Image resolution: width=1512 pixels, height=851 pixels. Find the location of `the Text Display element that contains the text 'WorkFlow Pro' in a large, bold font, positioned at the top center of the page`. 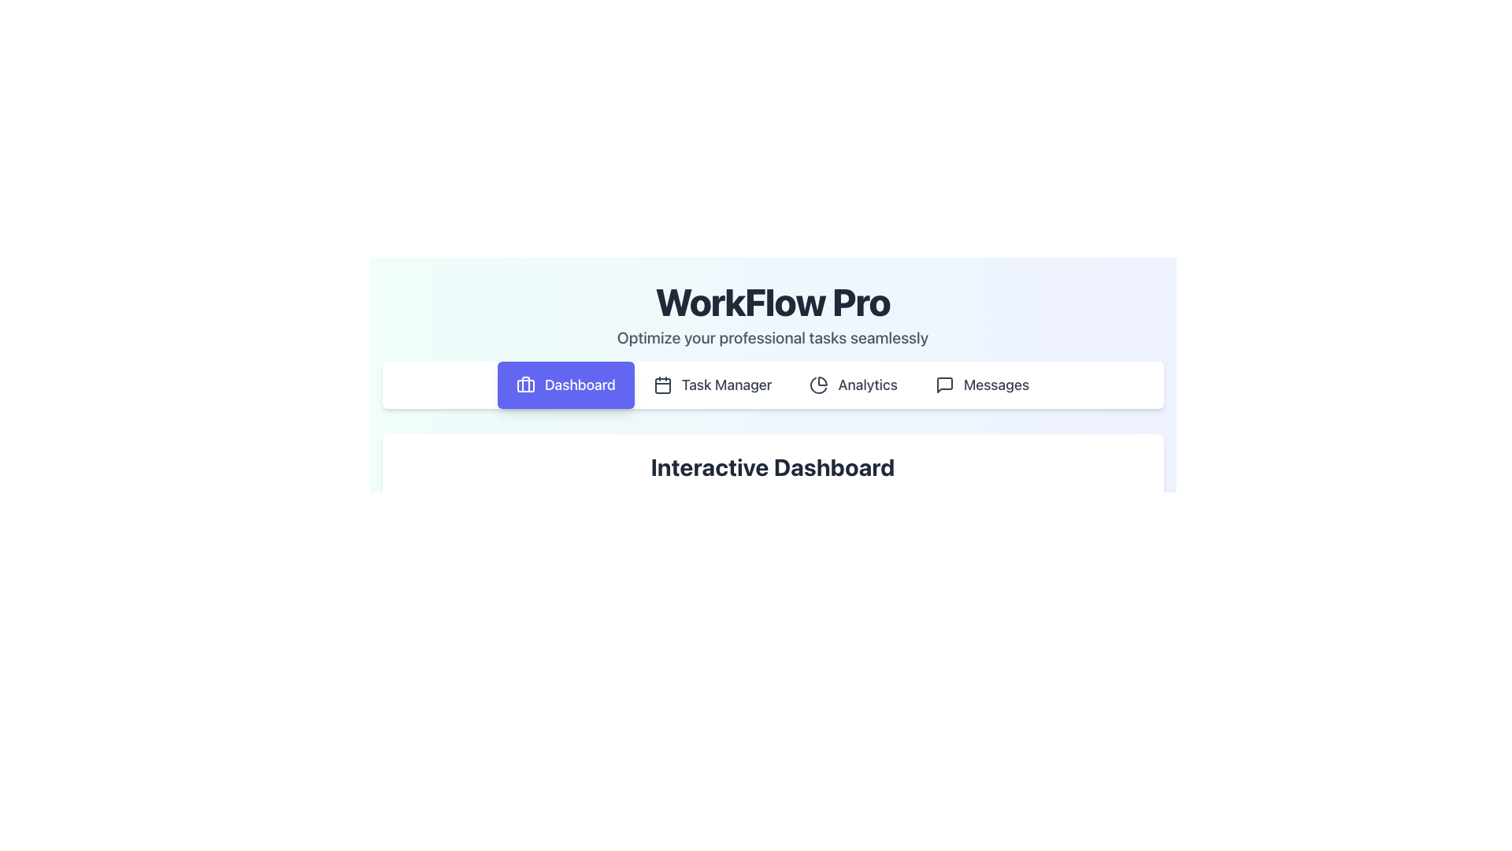

the Text Display element that contains the text 'WorkFlow Pro' in a large, bold font, positioned at the top center of the page is located at coordinates (773, 301).